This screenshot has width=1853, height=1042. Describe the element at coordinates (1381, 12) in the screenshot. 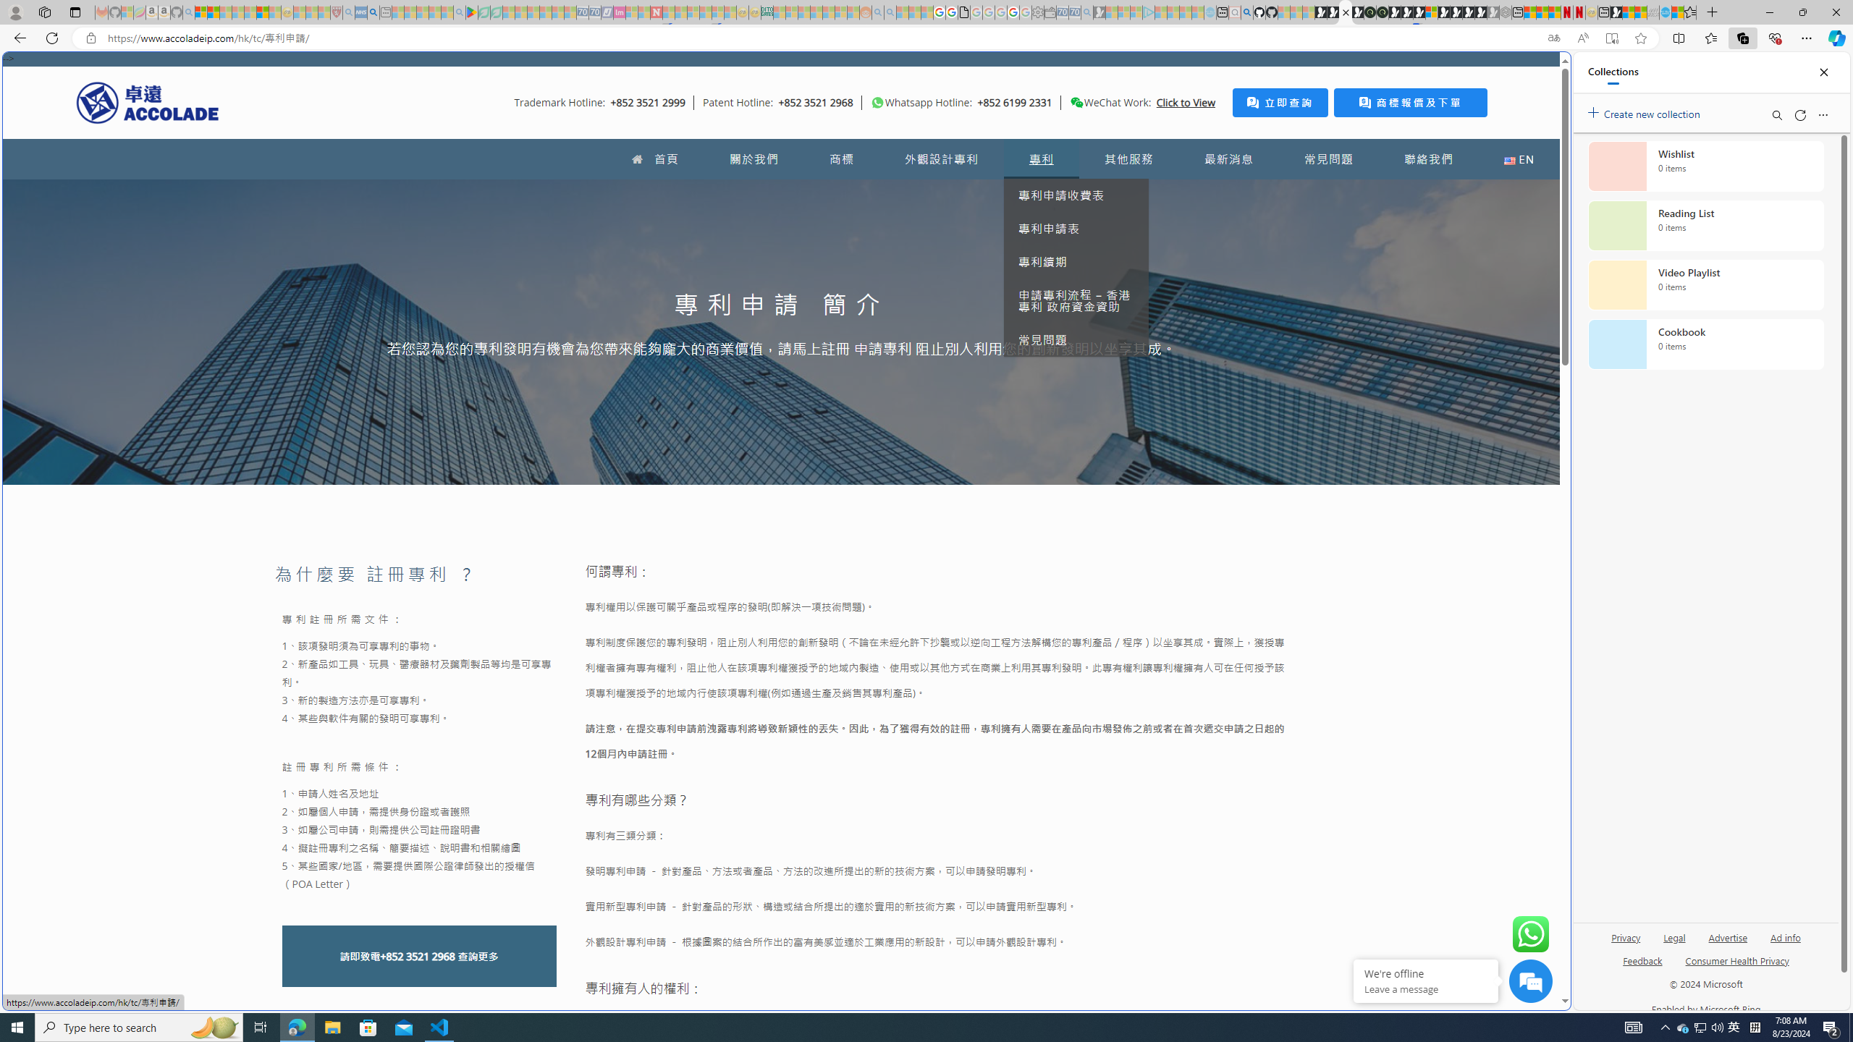

I see `'Future Focus Report 2024'` at that location.